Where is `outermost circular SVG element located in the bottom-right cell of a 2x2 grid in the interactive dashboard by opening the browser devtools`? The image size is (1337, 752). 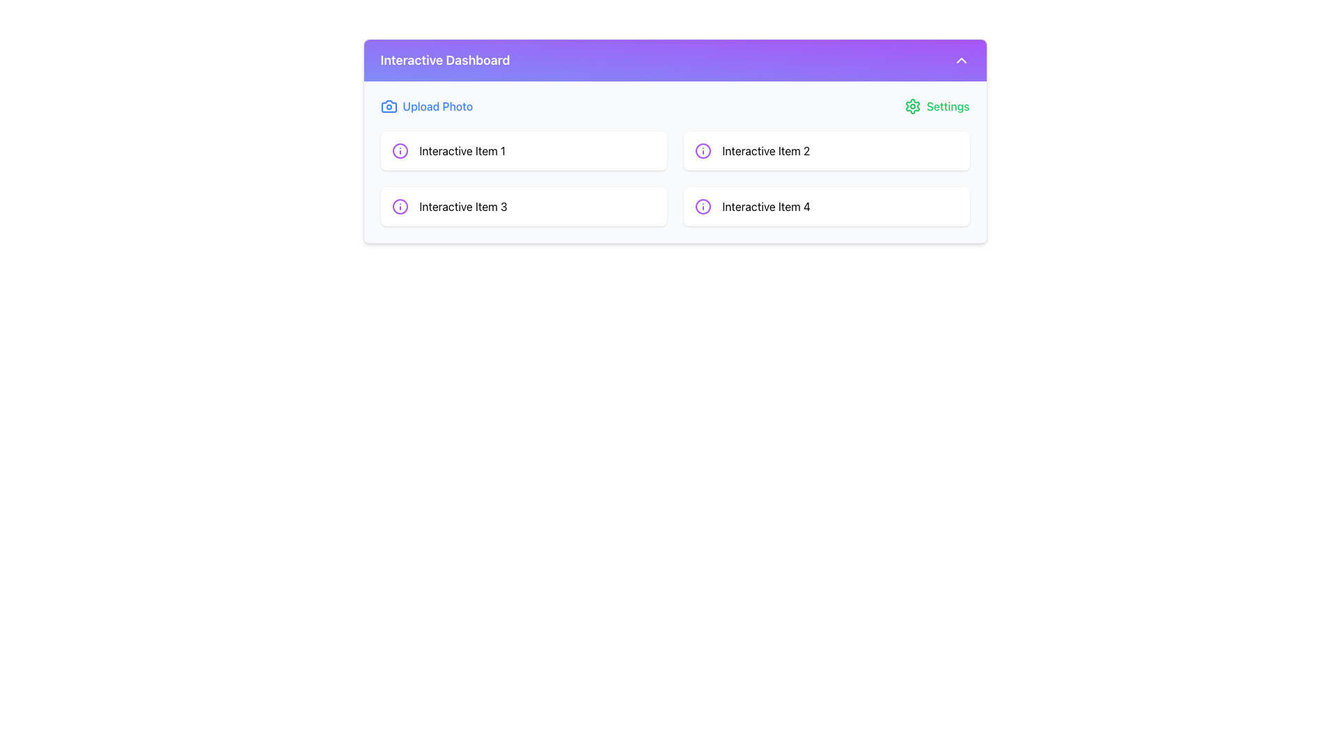 outermost circular SVG element located in the bottom-right cell of a 2x2 grid in the interactive dashboard by opening the browser devtools is located at coordinates (703, 150).